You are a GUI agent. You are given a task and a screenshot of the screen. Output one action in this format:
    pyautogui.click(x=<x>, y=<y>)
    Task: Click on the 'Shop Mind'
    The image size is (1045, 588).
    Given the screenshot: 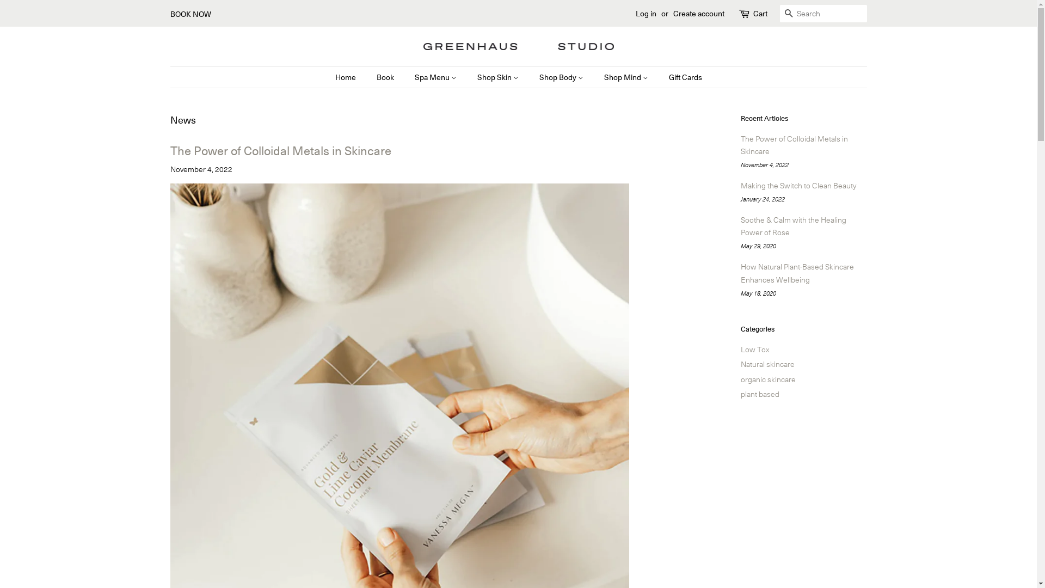 What is the action you would take?
    pyautogui.click(x=595, y=77)
    